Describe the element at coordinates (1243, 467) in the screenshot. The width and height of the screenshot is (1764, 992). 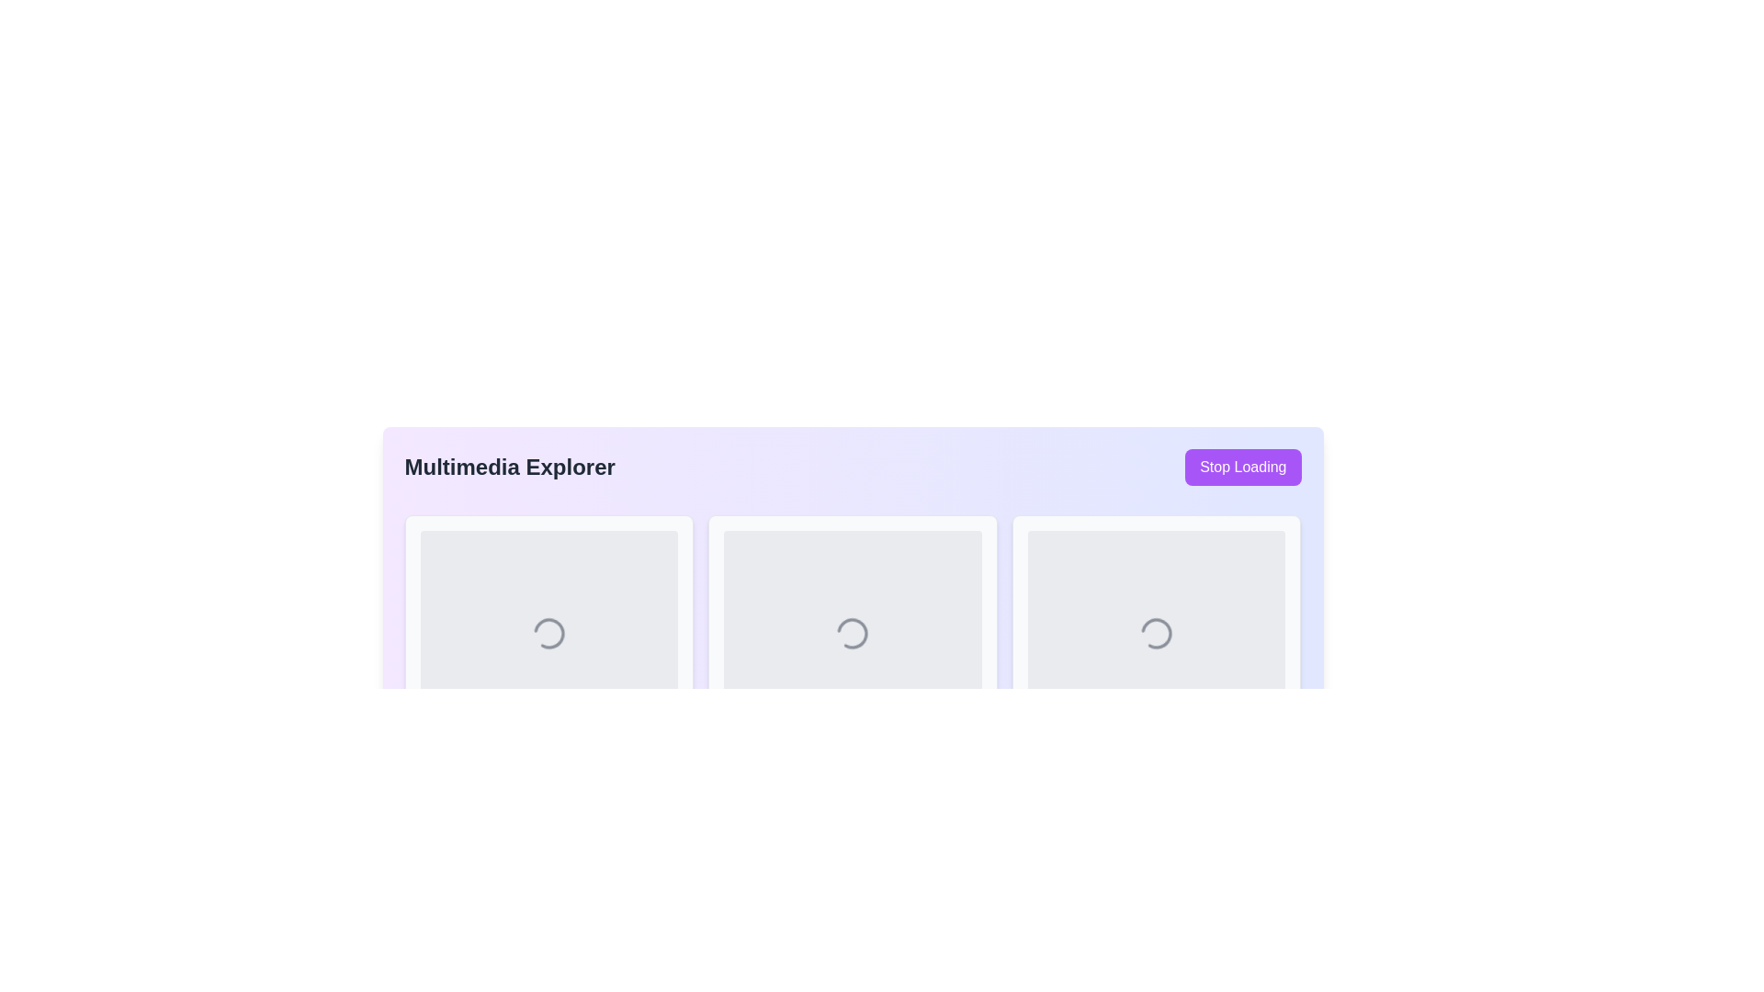
I see `the 'Stop Loading' button, which is a purple rectangular button with rounded corners located in the top-right corner of the interface` at that location.